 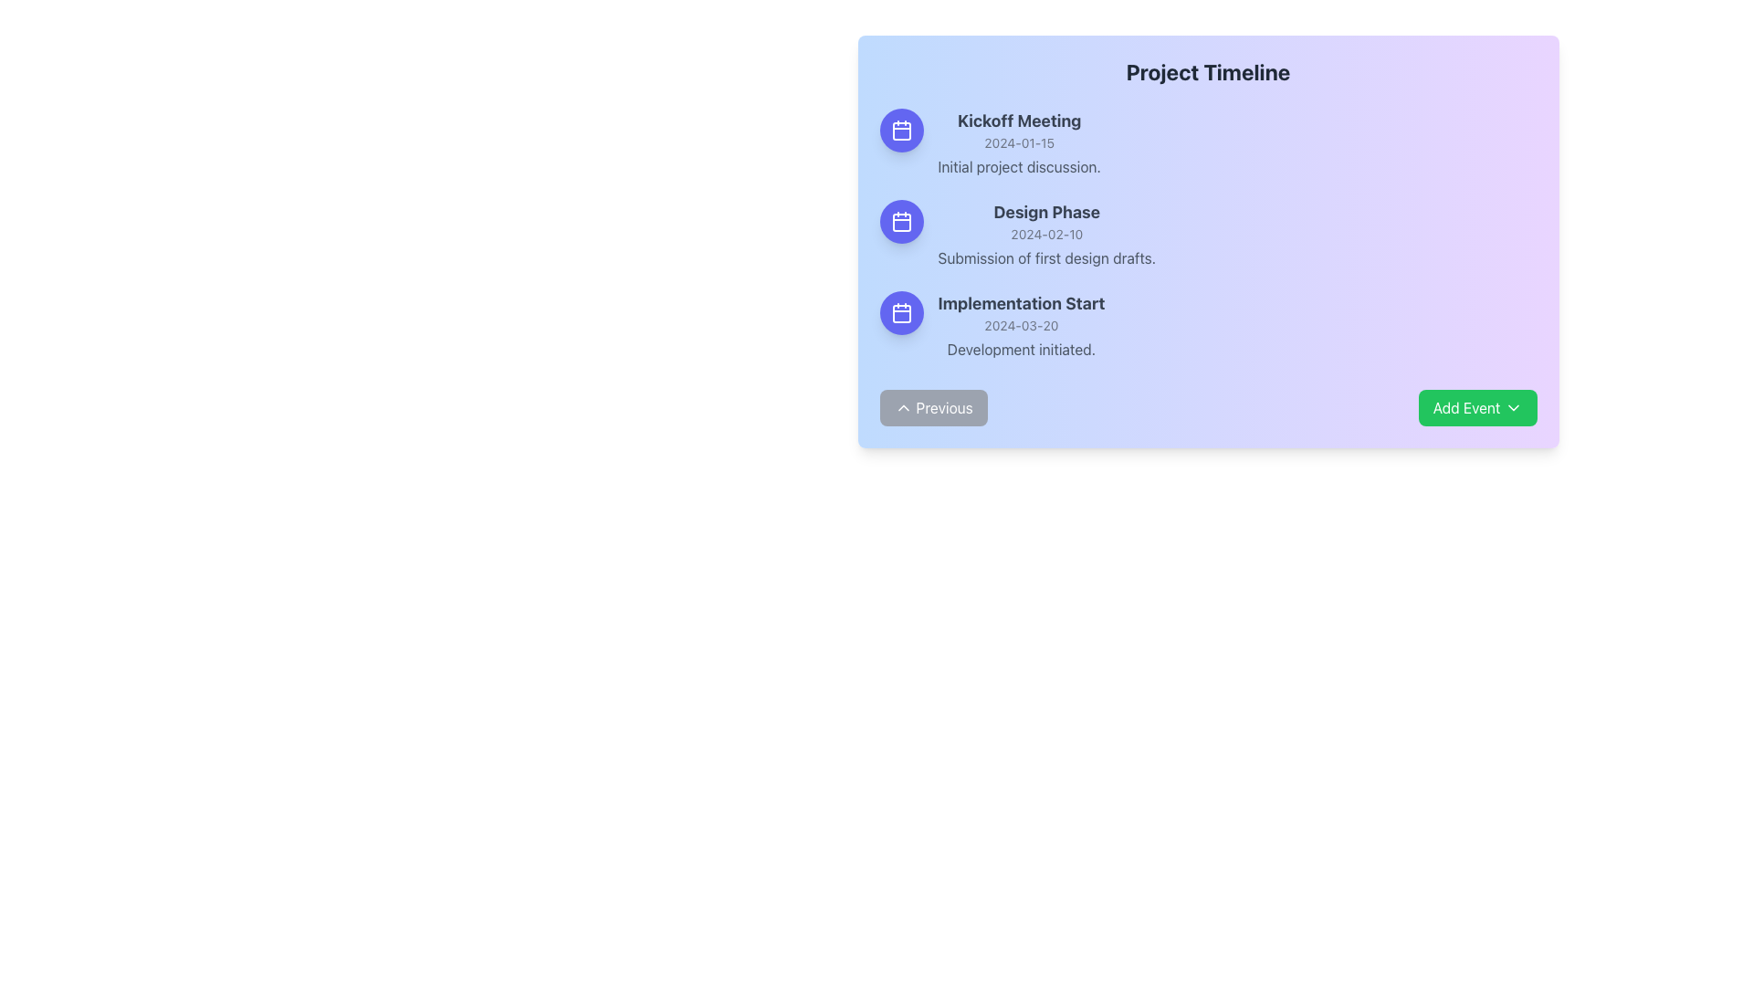 I want to click on the 'Previous' button, which contains an upward-facing chevron icon on its left side, so click(x=903, y=407).